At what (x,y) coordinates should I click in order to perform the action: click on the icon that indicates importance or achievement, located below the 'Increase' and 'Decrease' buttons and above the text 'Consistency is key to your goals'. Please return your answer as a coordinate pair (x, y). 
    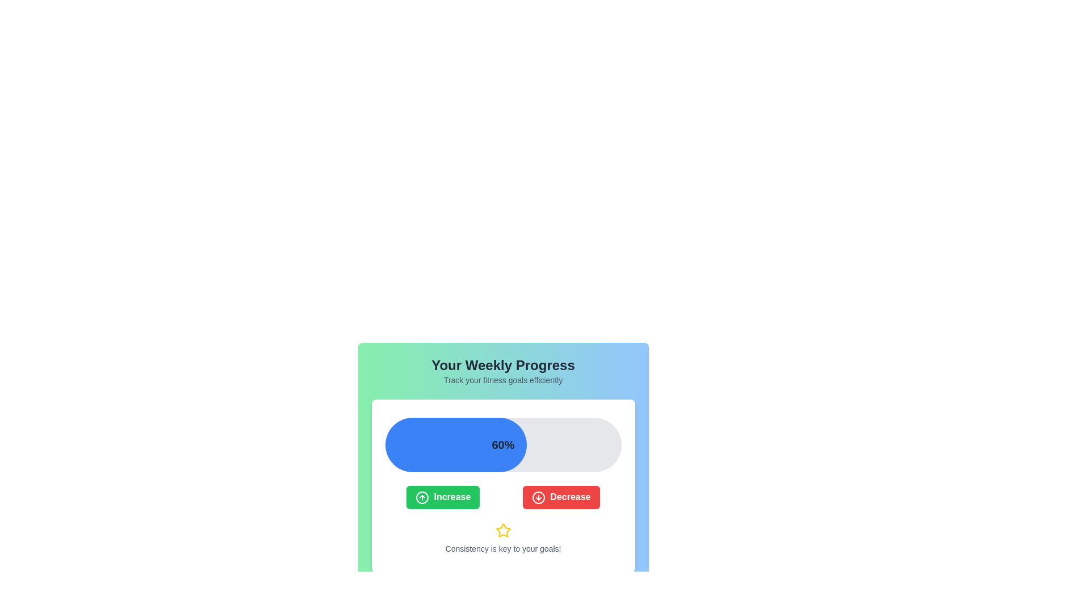
    Looking at the image, I should click on (502, 530).